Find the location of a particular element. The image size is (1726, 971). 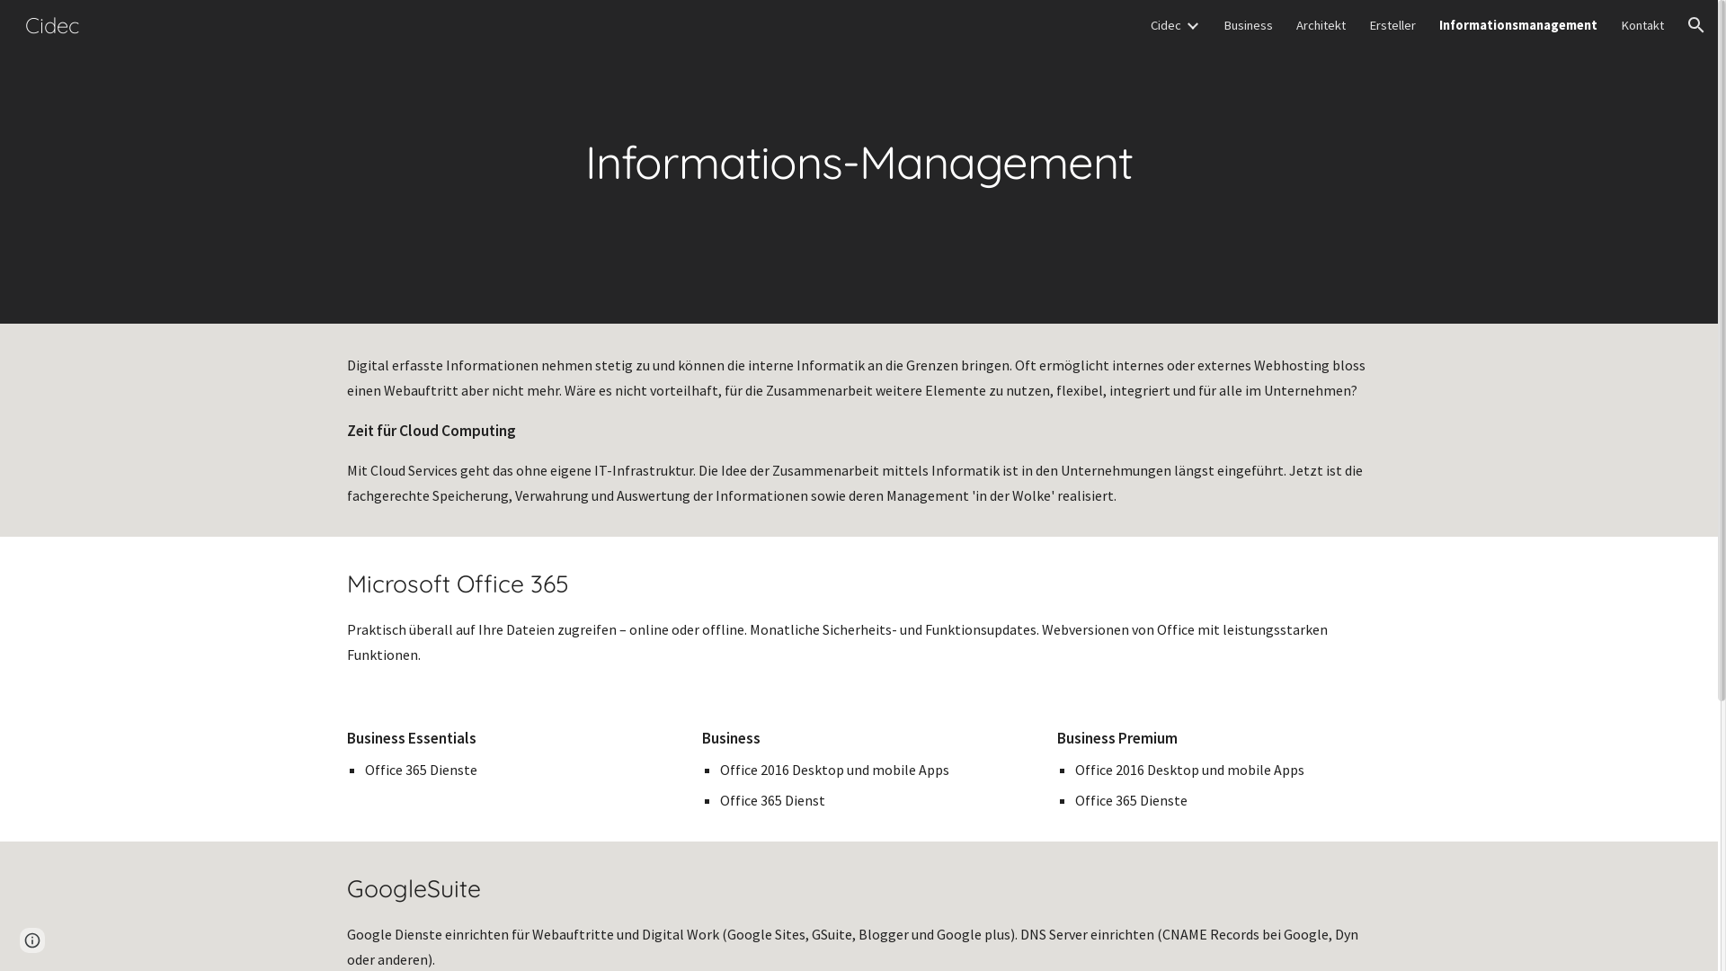

'Architekt' is located at coordinates (1321, 24).